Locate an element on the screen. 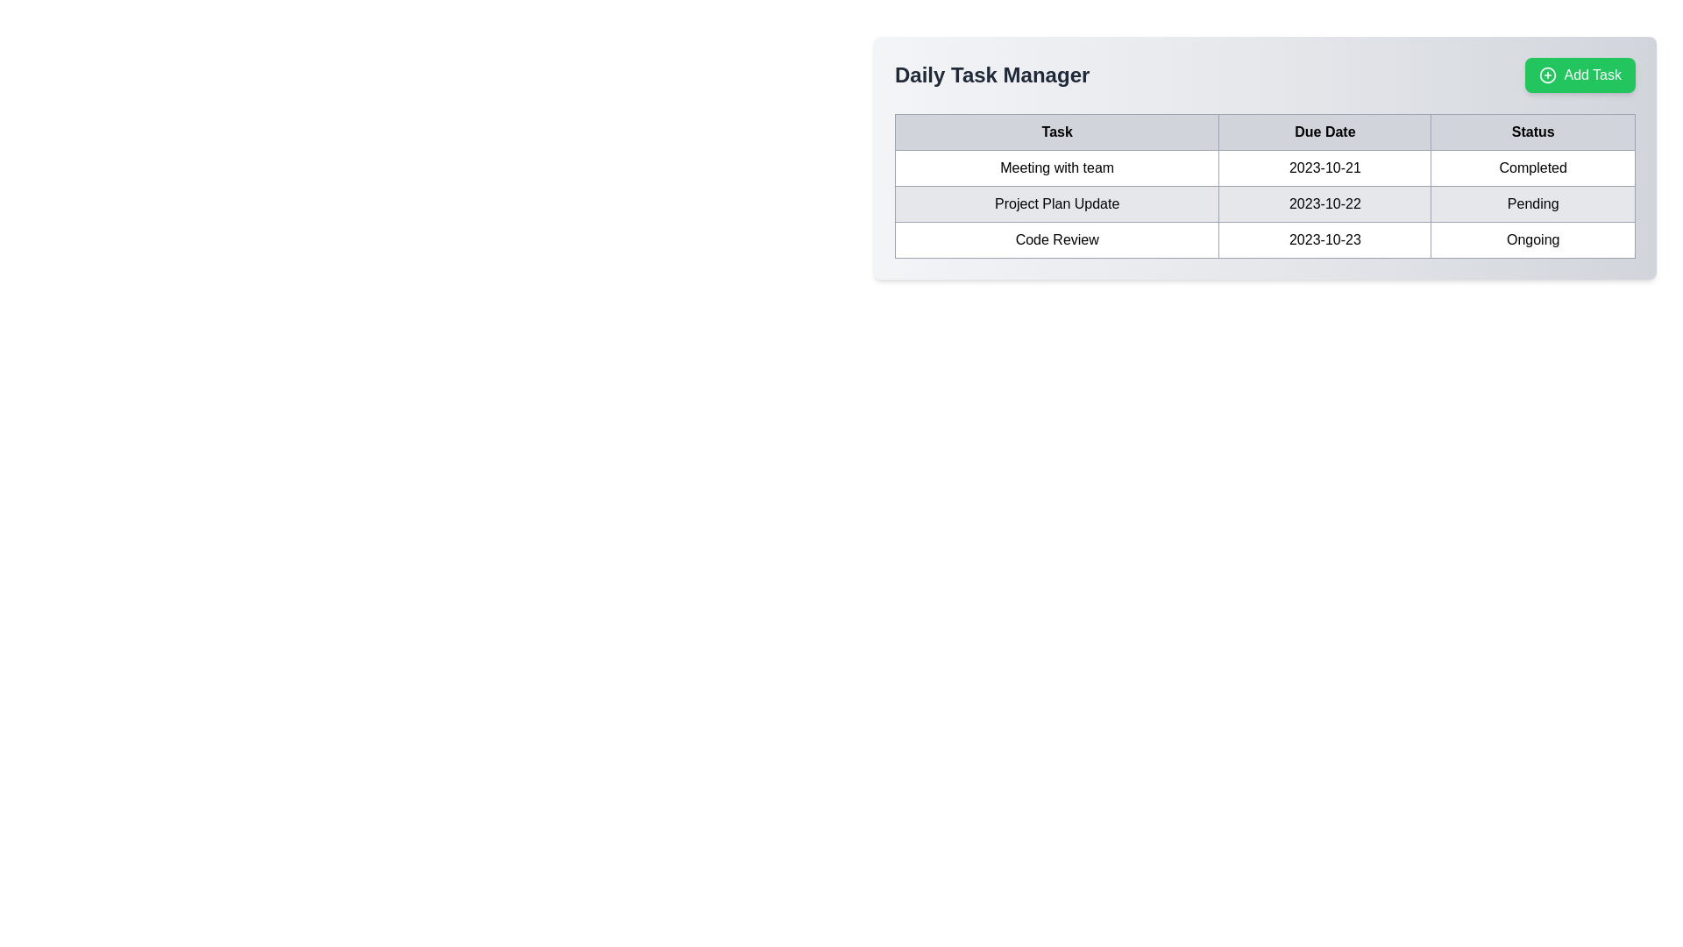  the first column header of the table, which describes tasks and is located at the top-left corner of the table is located at coordinates (1056, 131).